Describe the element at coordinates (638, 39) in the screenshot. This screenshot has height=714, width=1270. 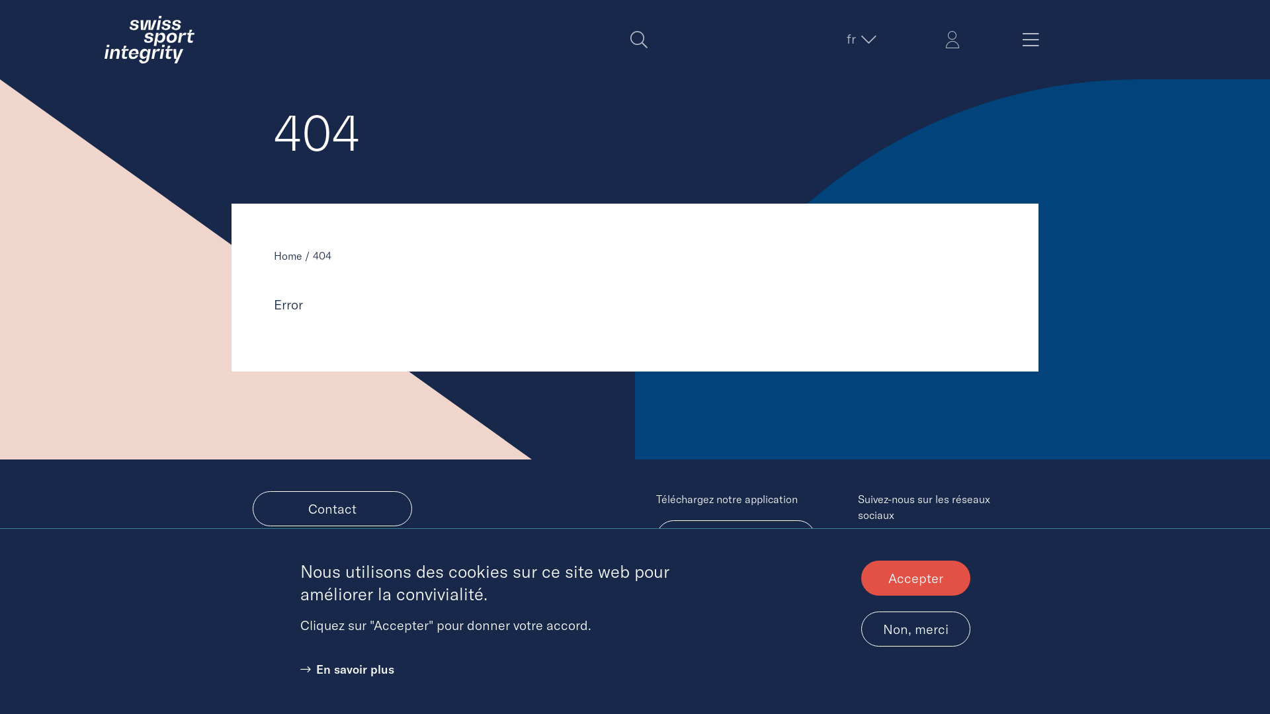
I see `'Search'` at that location.